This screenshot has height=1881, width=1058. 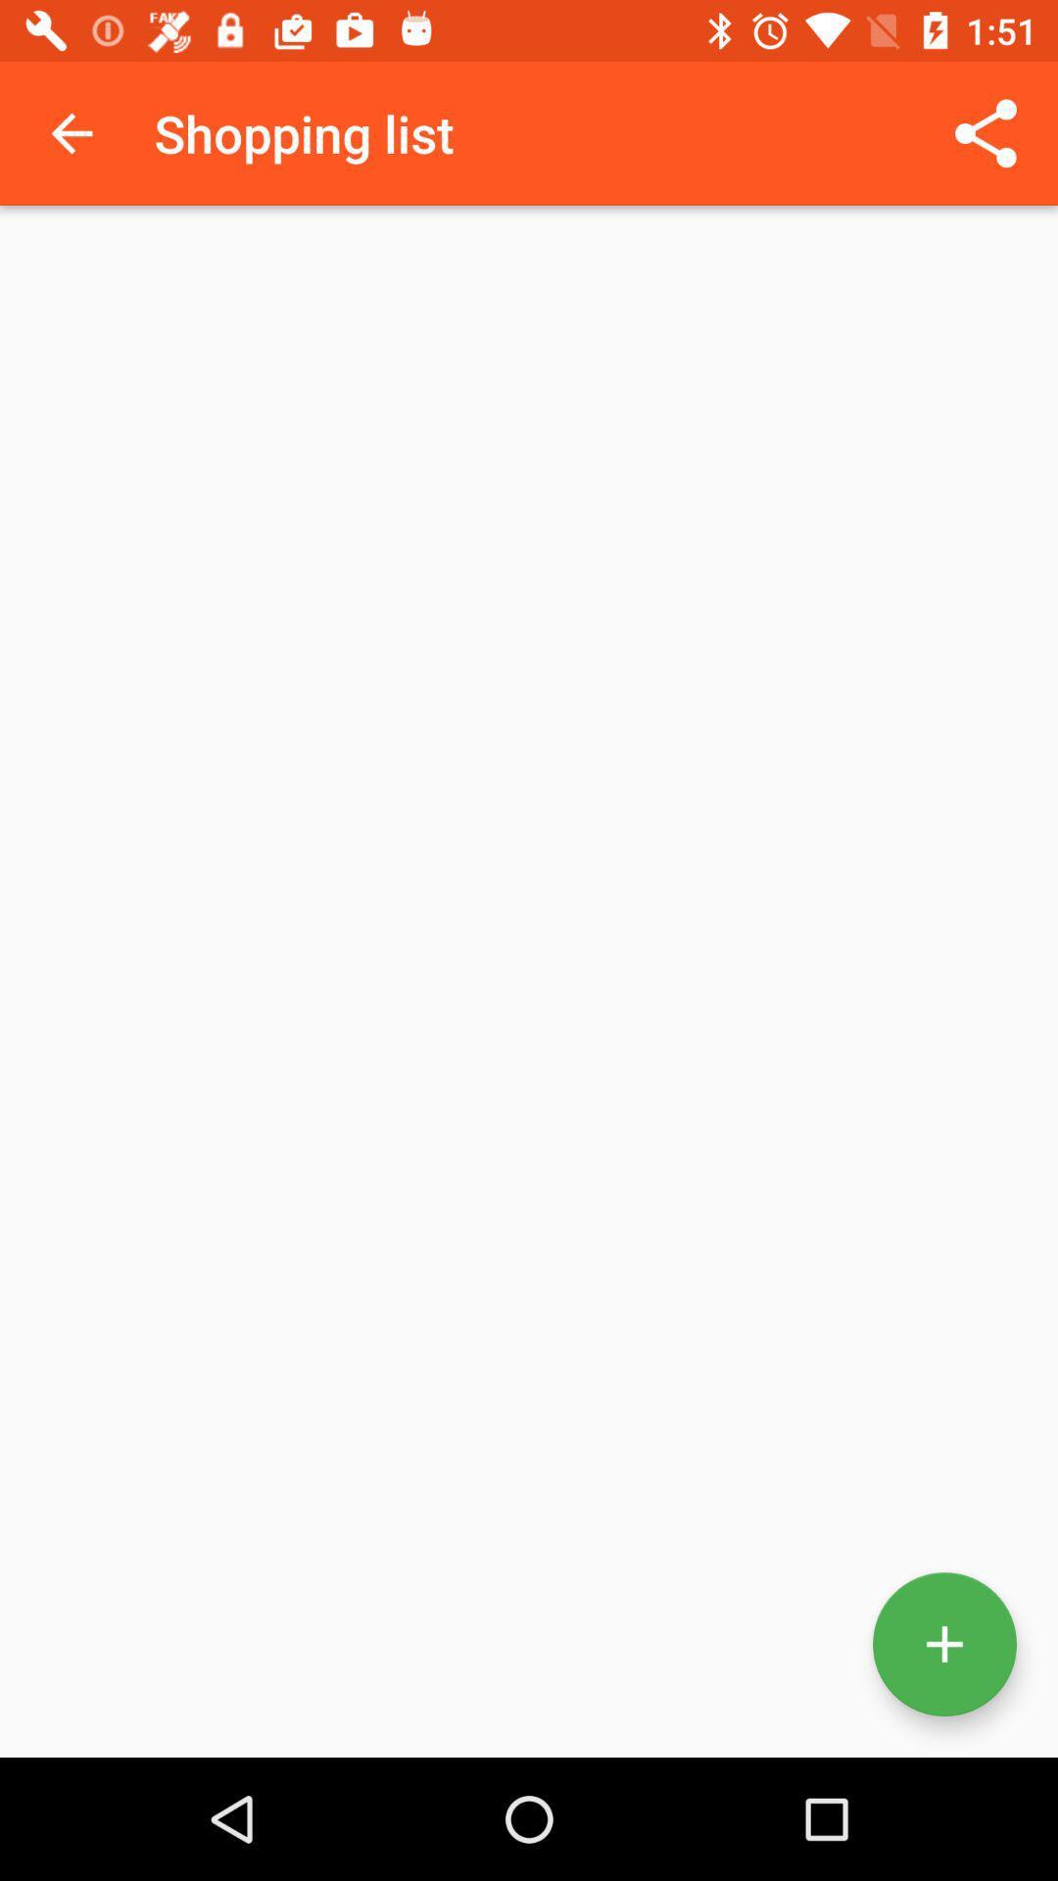 I want to click on the icon at the top right corner, so click(x=986, y=132).